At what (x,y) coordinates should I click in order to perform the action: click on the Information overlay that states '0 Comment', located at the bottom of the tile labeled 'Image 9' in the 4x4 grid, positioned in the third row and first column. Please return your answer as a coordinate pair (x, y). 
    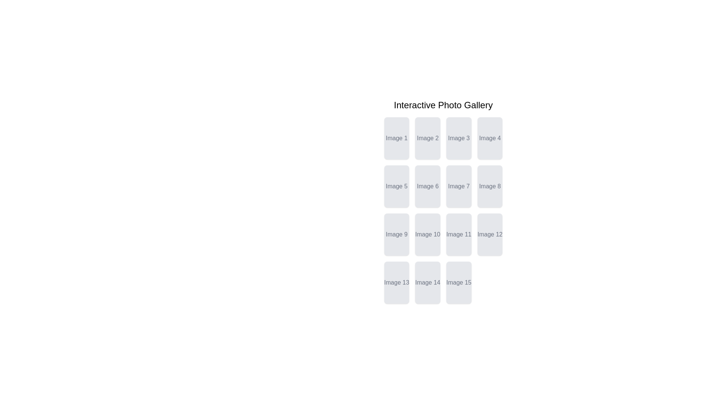
    Looking at the image, I should click on (396, 241).